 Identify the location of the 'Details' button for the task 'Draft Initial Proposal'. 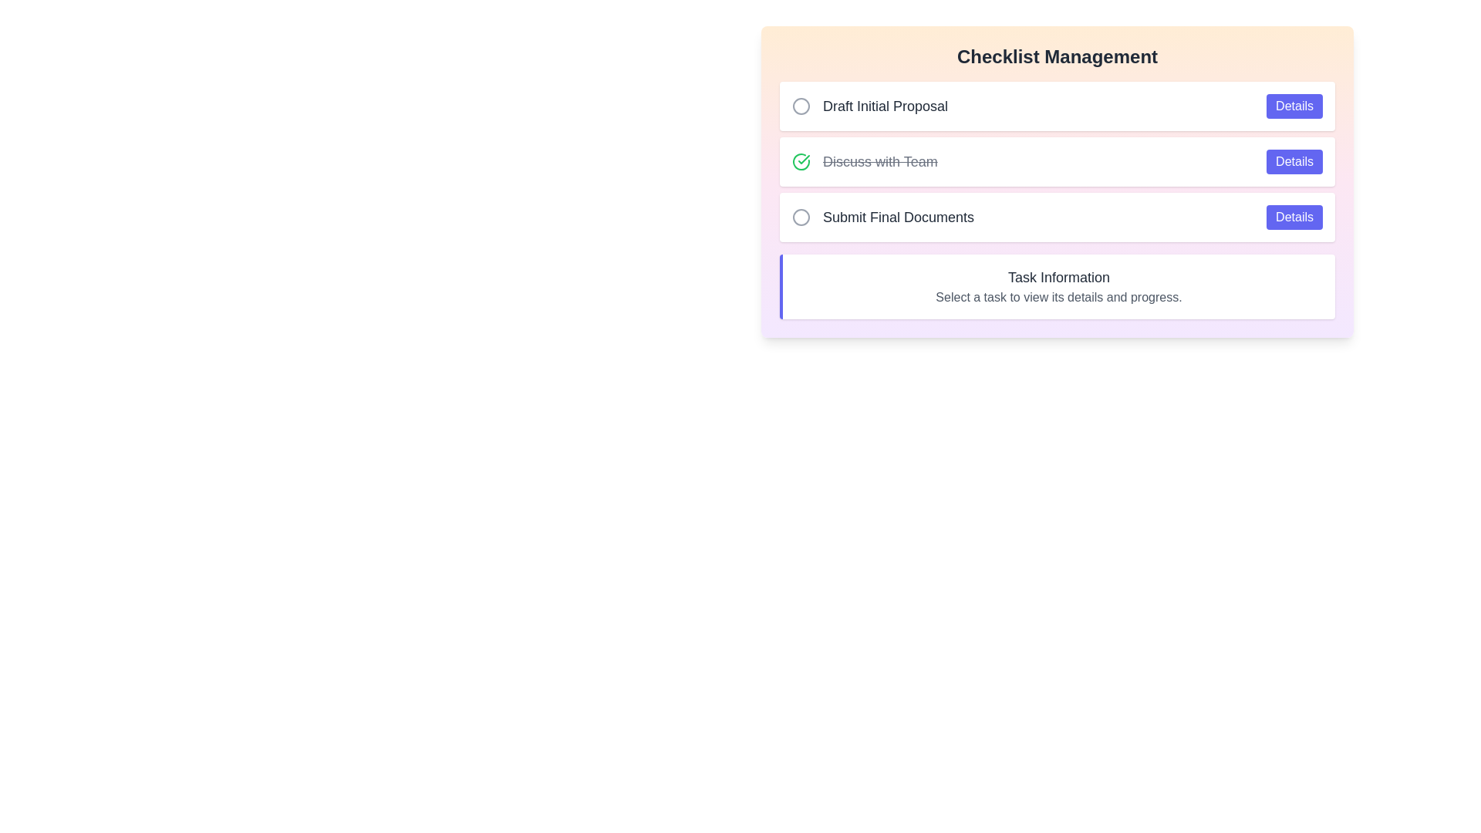
(1294, 106).